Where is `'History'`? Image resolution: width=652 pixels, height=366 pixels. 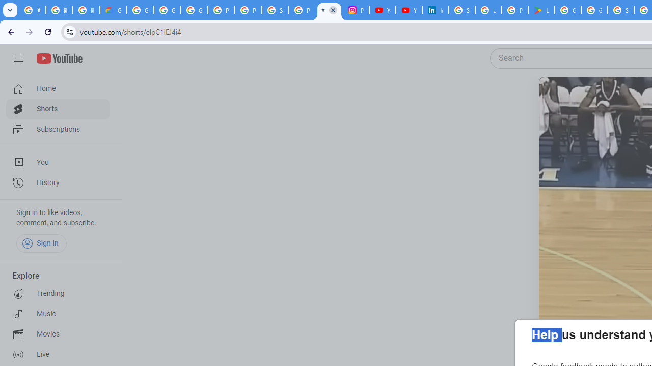
'History' is located at coordinates (57, 183).